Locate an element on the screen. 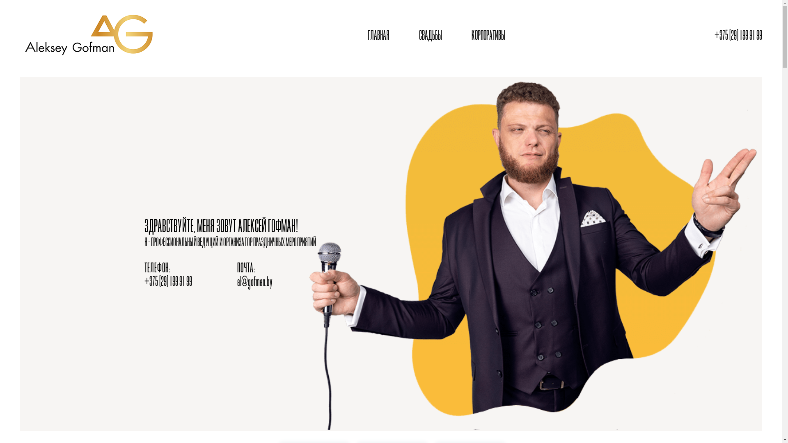 Image resolution: width=788 pixels, height=443 pixels. 'al@gofman.by' is located at coordinates (254, 282).